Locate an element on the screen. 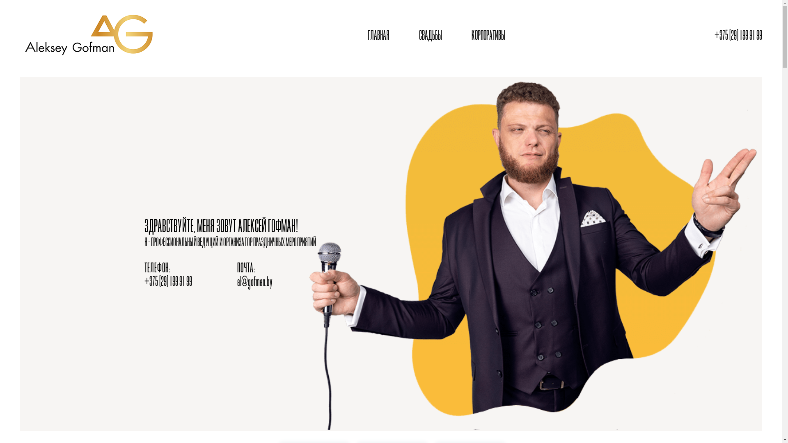 Image resolution: width=788 pixels, height=443 pixels. 'al@gofman.by' is located at coordinates (254, 282).